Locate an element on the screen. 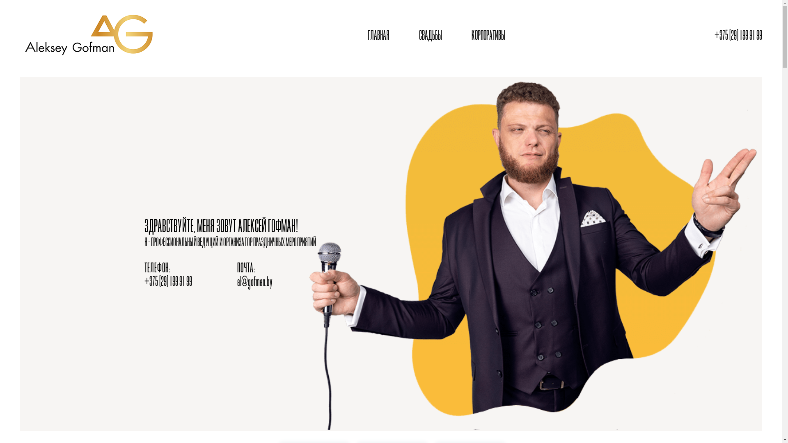 Image resolution: width=788 pixels, height=443 pixels. 'al@gofman.by' is located at coordinates (254, 282).